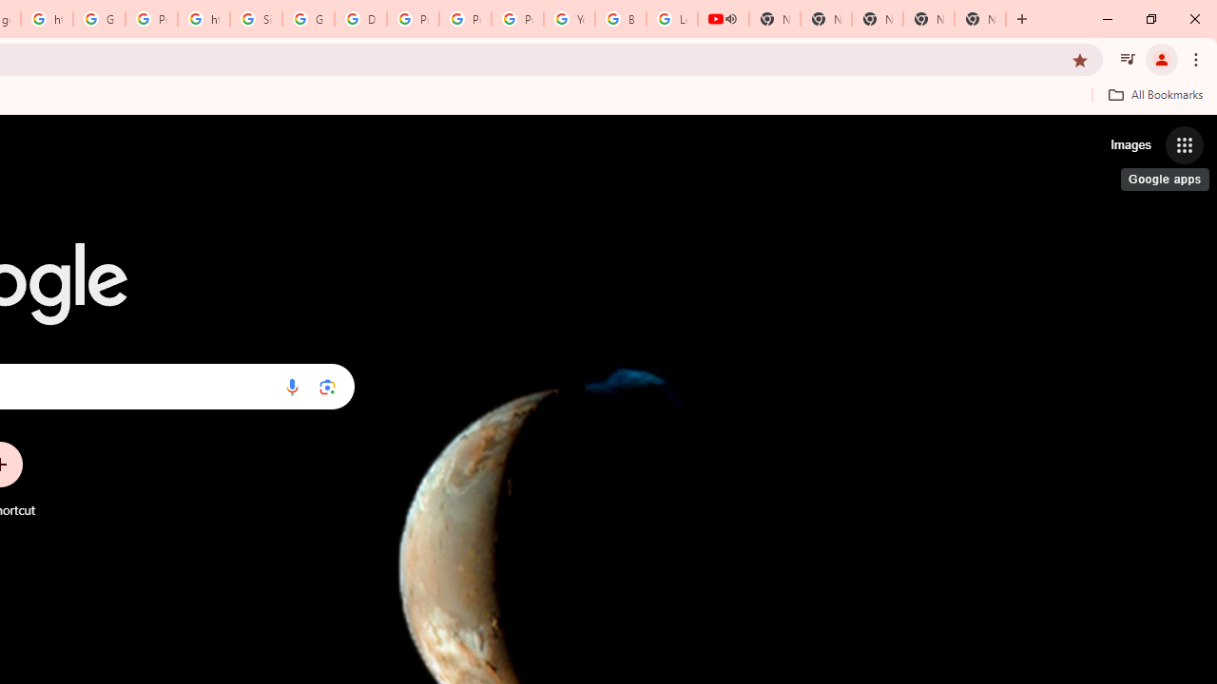 This screenshot has width=1217, height=684. What do you see at coordinates (1108, 19) in the screenshot?
I see `'Minimize'` at bounding box center [1108, 19].